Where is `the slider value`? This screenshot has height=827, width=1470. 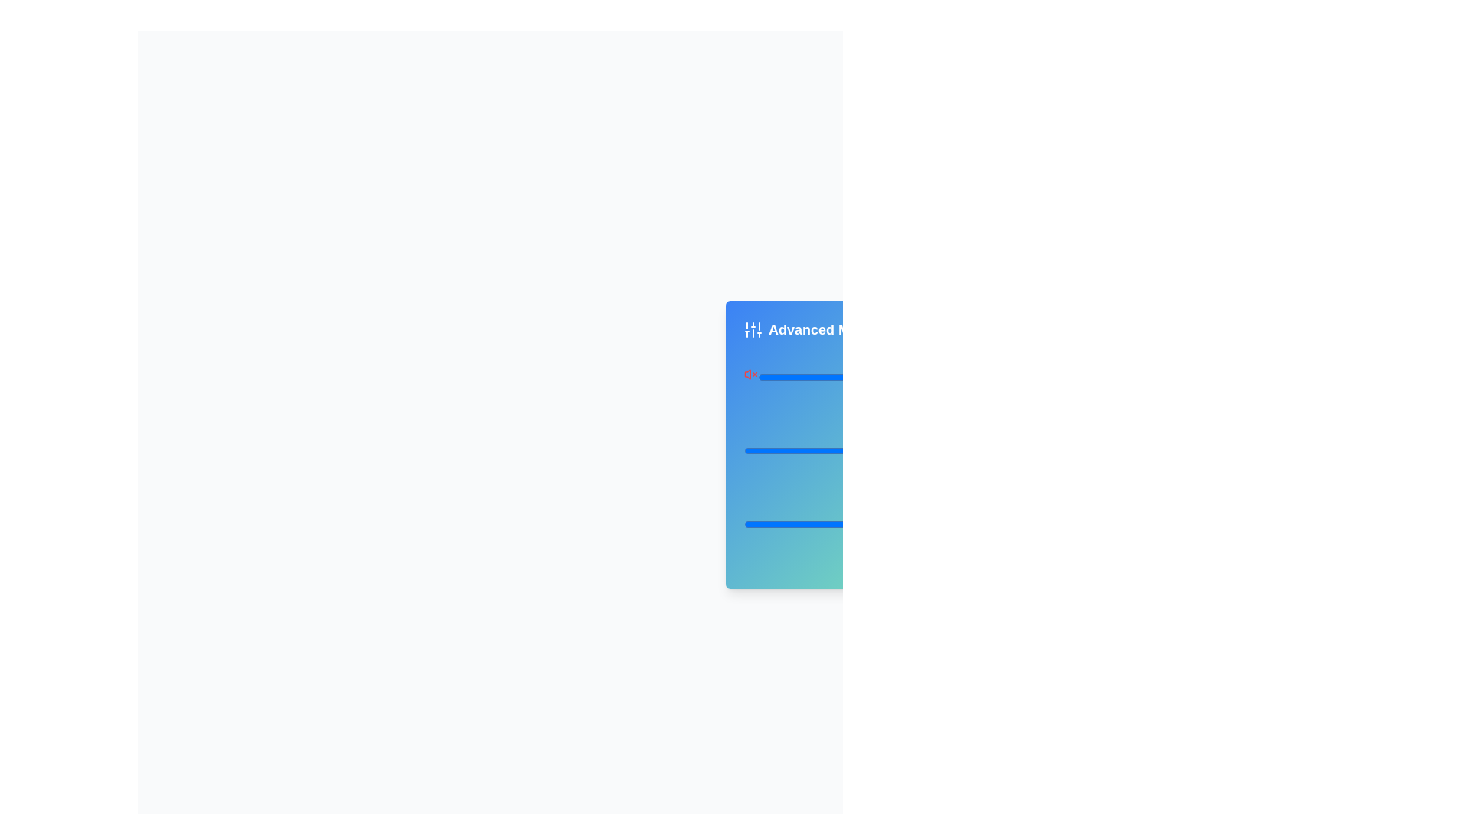 the slider value is located at coordinates (769, 450).